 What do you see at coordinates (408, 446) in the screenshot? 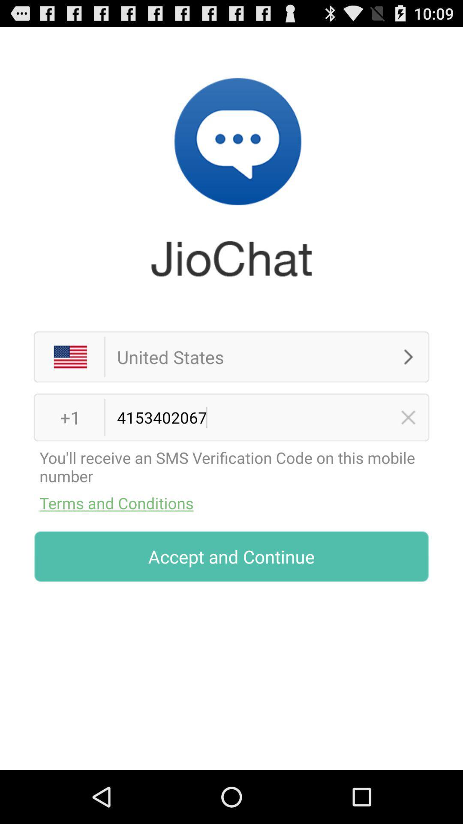
I see `the close icon` at bounding box center [408, 446].